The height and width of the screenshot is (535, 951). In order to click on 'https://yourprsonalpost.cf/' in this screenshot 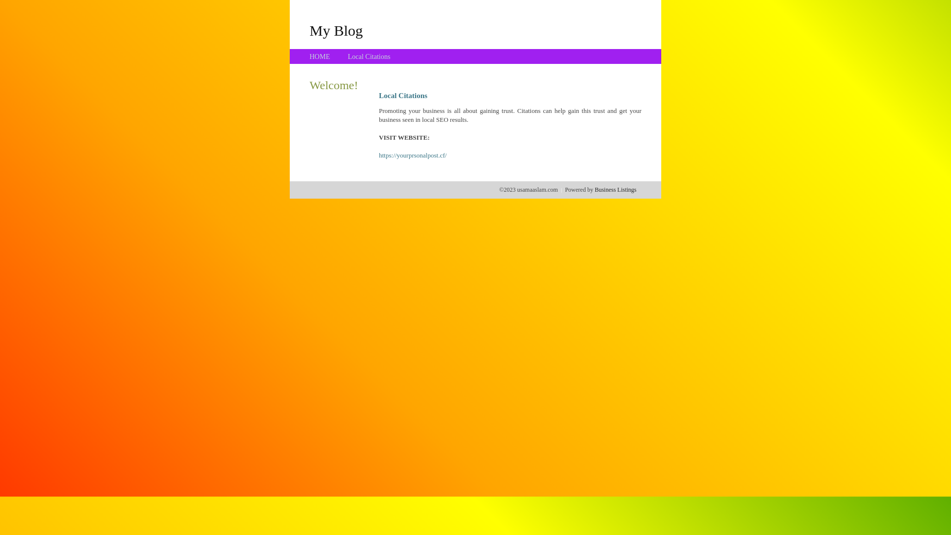, I will do `click(378, 155)`.